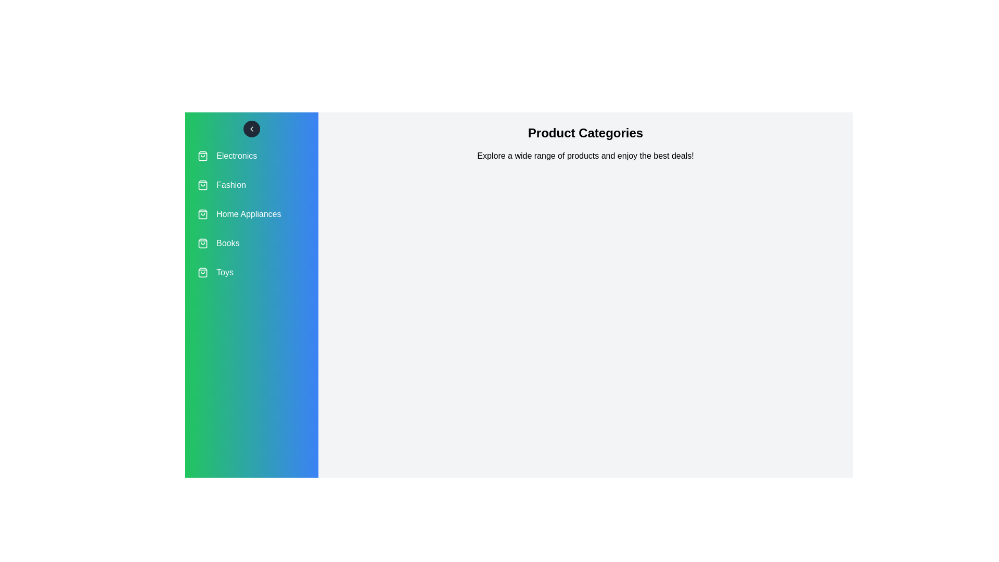 Image resolution: width=999 pixels, height=562 pixels. I want to click on the category Books from the list, so click(252, 243).